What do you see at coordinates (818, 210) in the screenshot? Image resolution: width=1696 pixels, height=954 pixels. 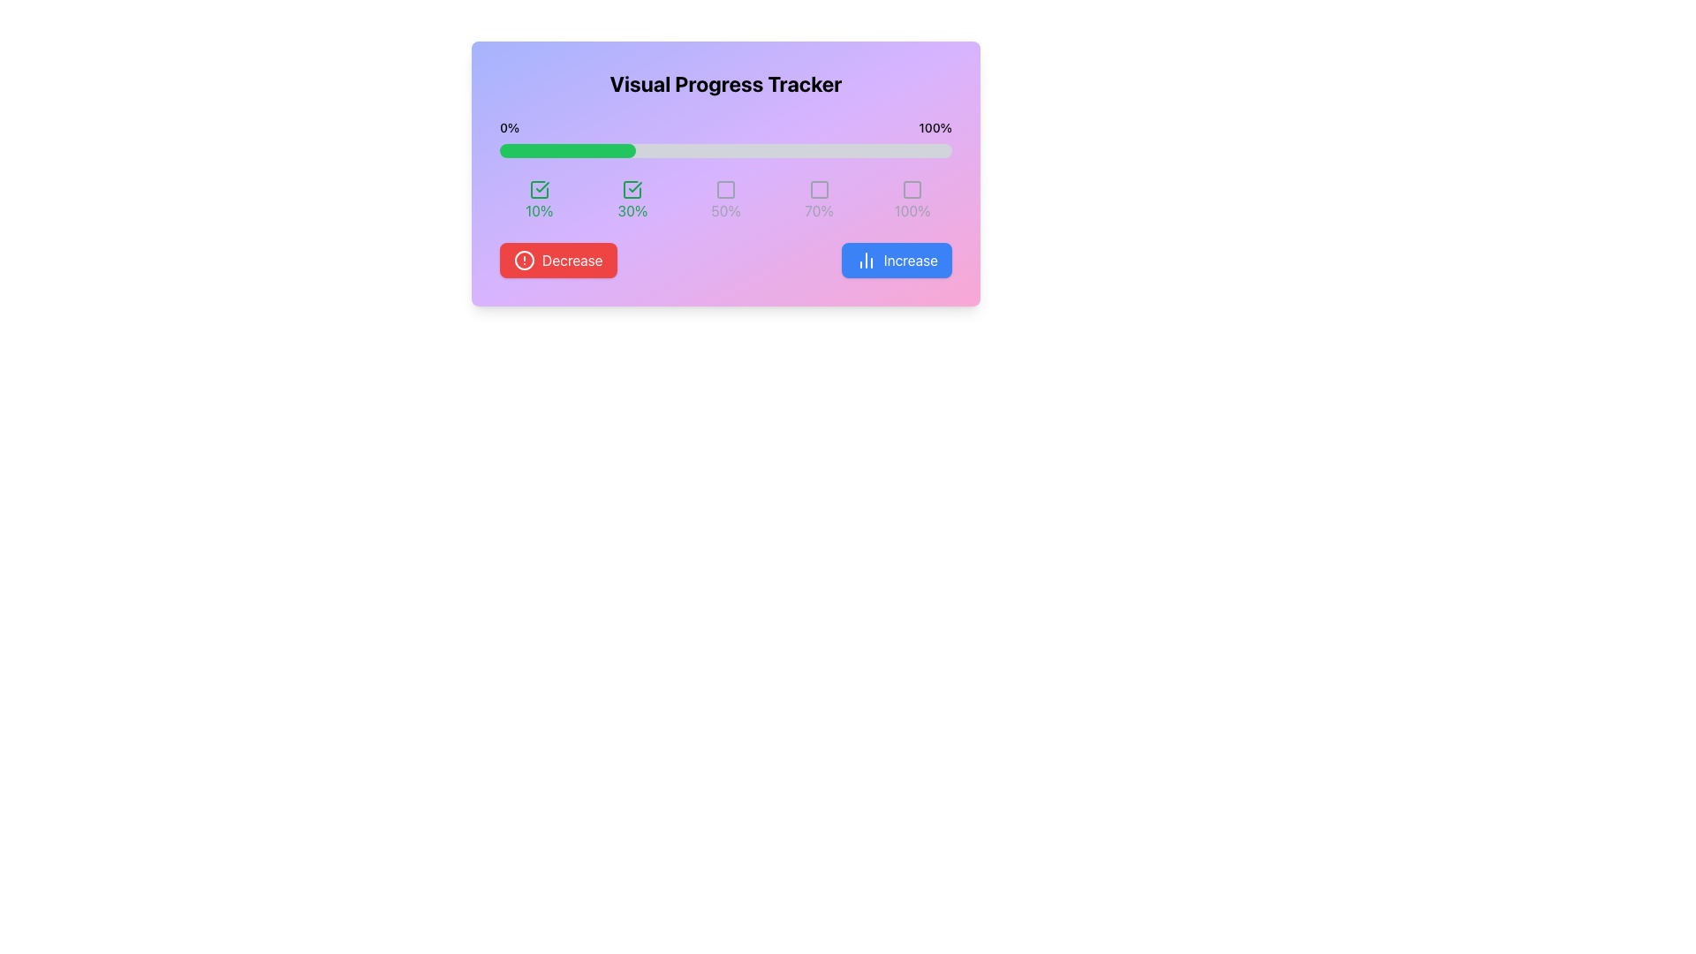 I see `text label that displays '70%' in gray font color, located below the square icon in the progress tracking interface` at bounding box center [818, 210].